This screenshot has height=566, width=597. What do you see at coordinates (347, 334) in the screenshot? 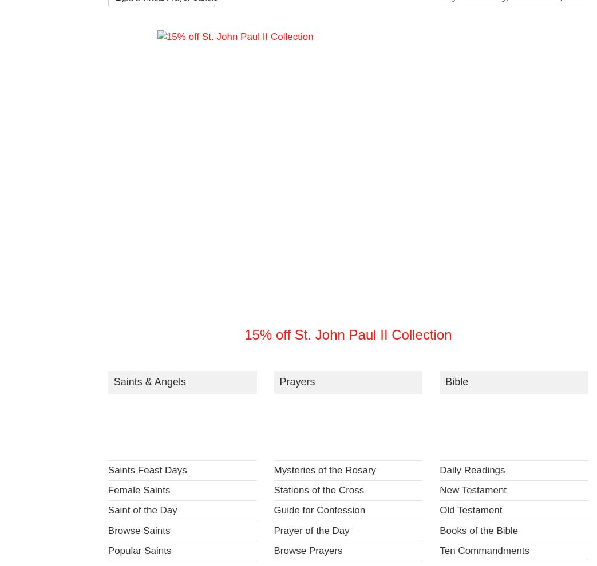
I see `'15% off St. John Paul II Collection'` at bounding box center [347, 334].